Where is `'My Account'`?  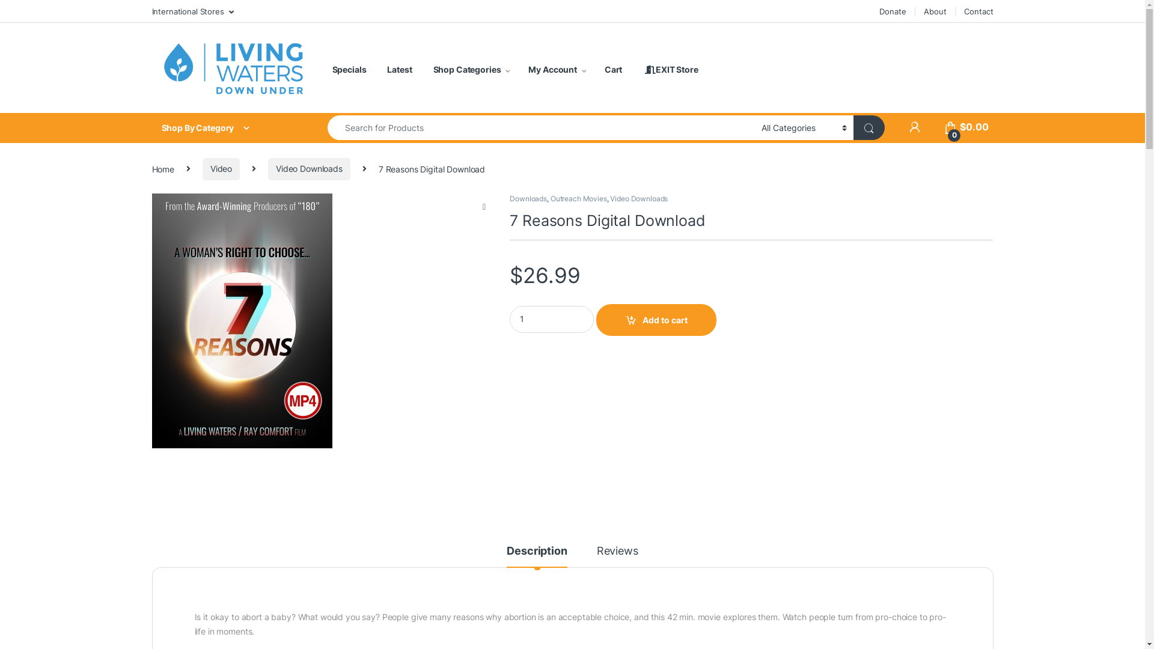
'My Account' is located at coordinates (528, 69).